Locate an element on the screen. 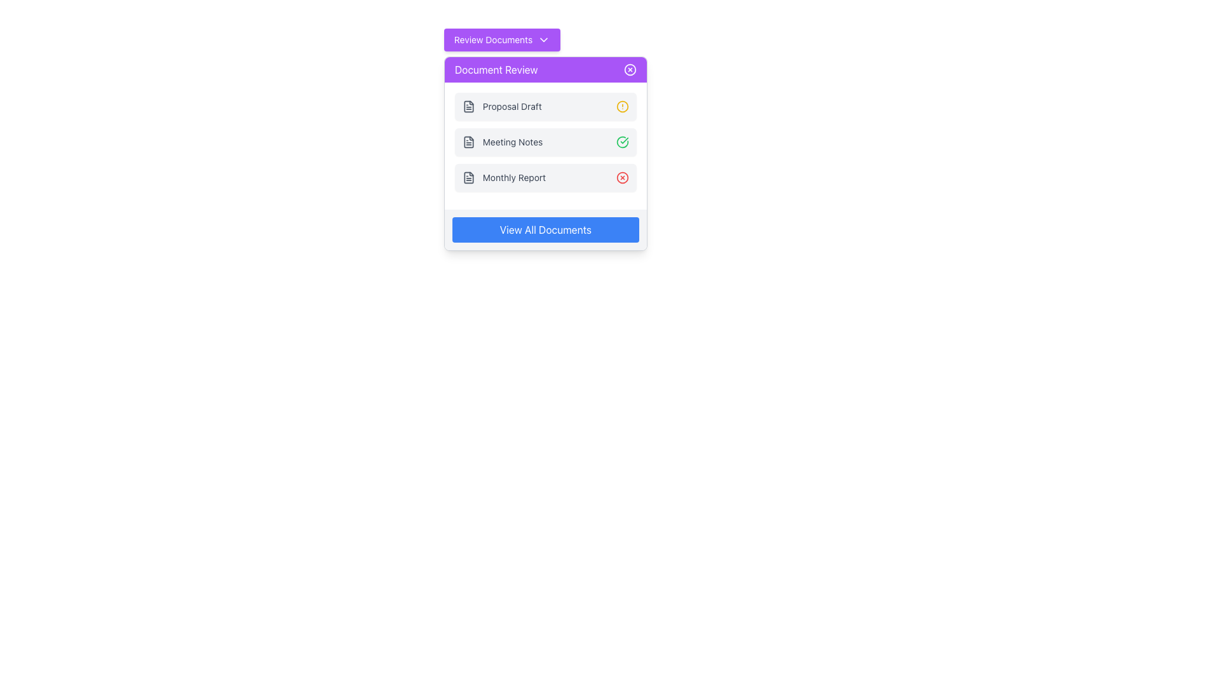  the rectangular button with a vibrant blue background and white bold text reading 'View All Documents' located at the bottom of the Document Review pop-up is located at coordinates (545, 230).